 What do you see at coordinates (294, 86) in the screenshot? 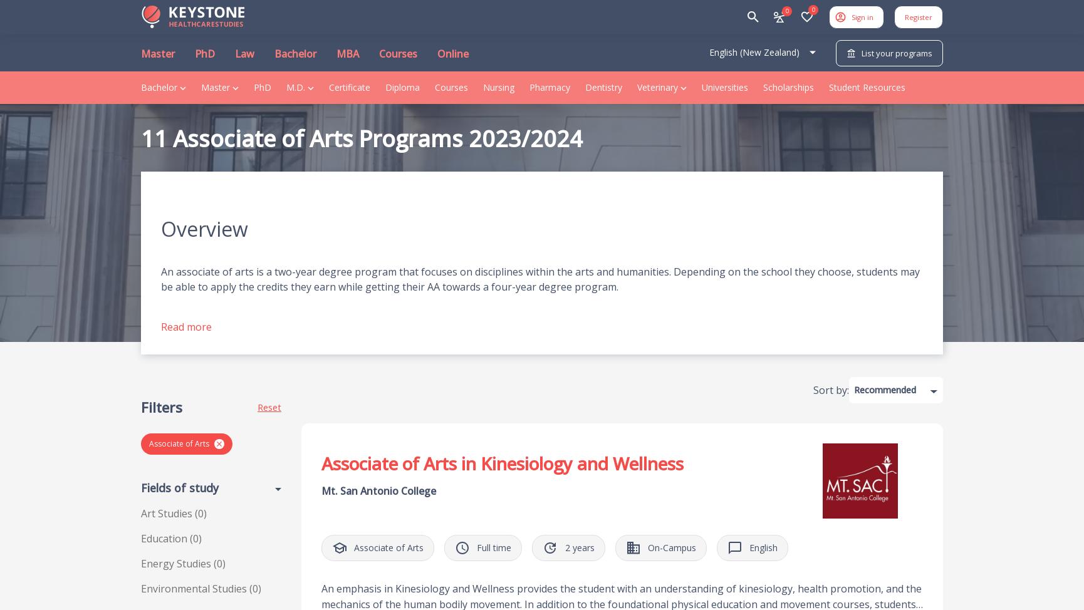
I see `'M.D.'` at bounding box center [294, 86].